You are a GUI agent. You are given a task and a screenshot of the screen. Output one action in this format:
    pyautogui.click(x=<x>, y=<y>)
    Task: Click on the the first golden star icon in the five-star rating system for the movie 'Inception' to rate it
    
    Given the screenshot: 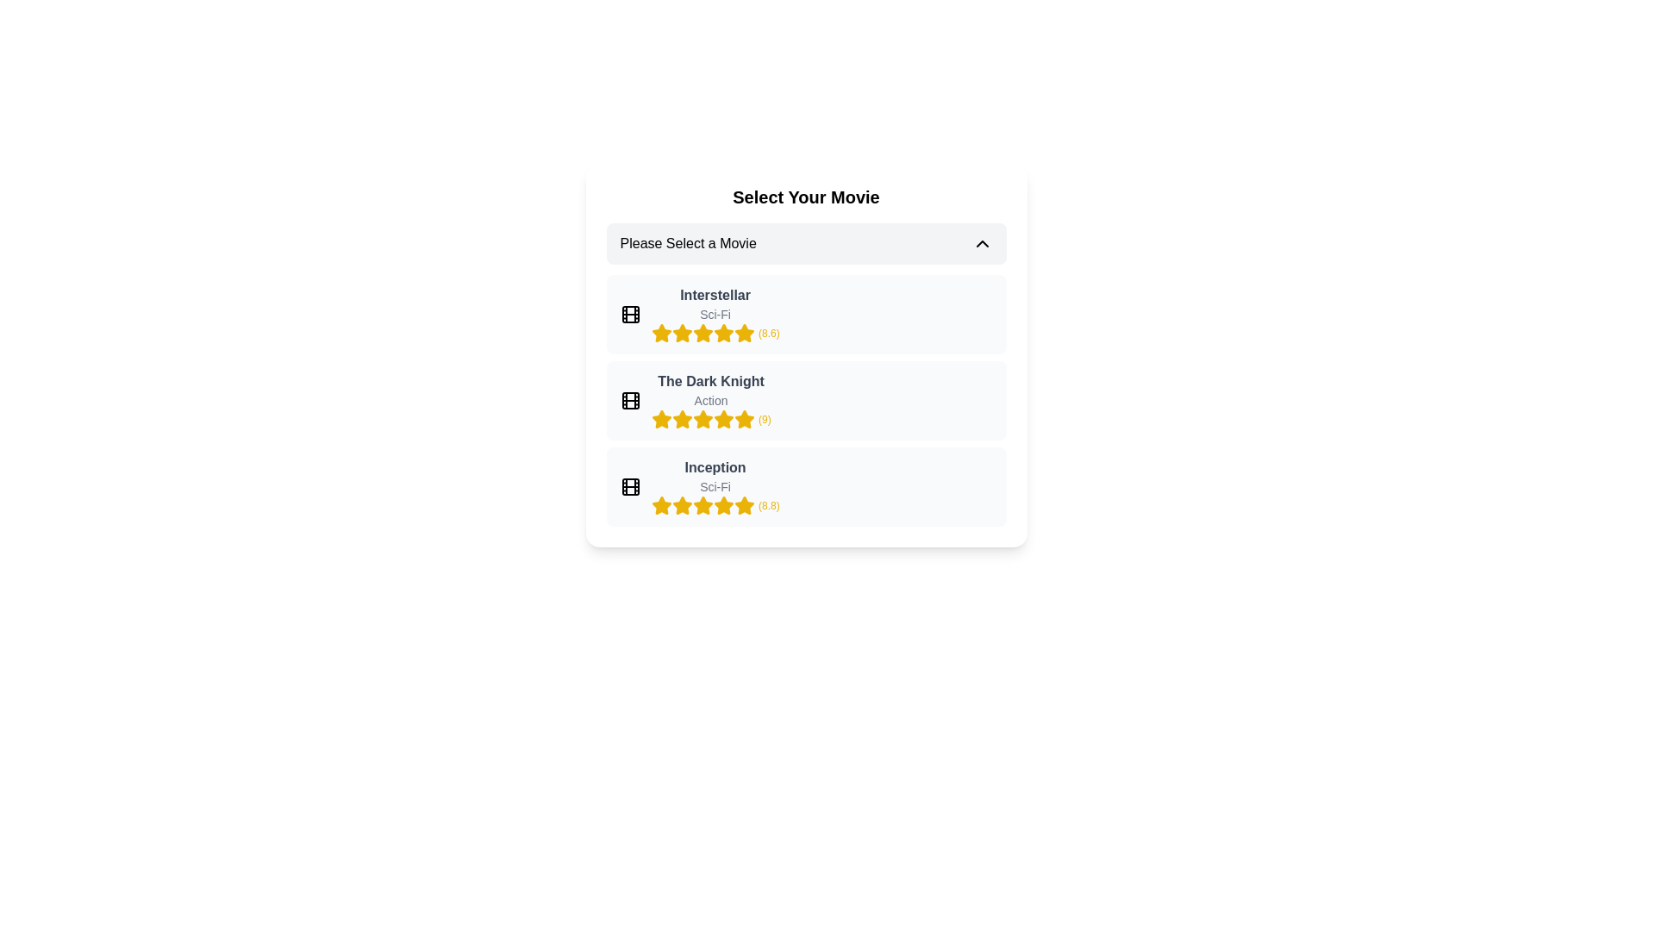 What is the action you would take?
    pyautogui.click(x=660, y=504)
    